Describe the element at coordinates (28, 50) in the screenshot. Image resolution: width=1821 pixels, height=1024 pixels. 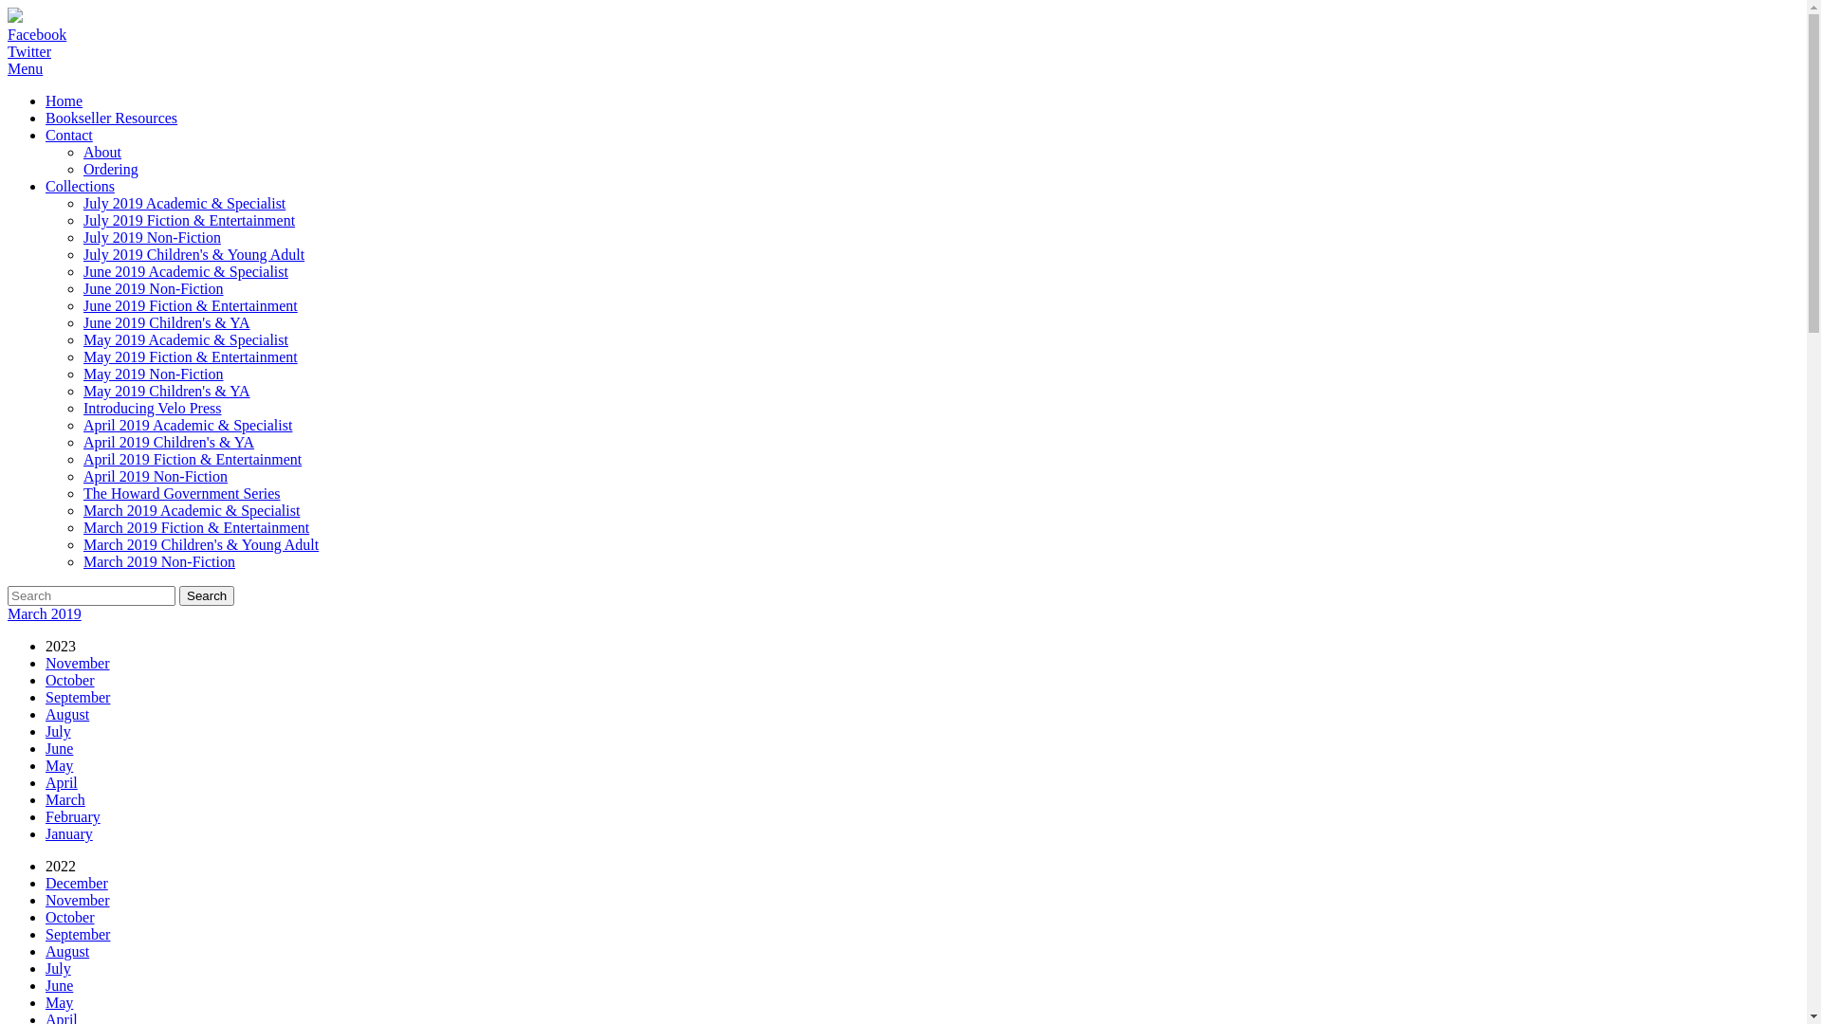
I see `'Twitter'` at that location.